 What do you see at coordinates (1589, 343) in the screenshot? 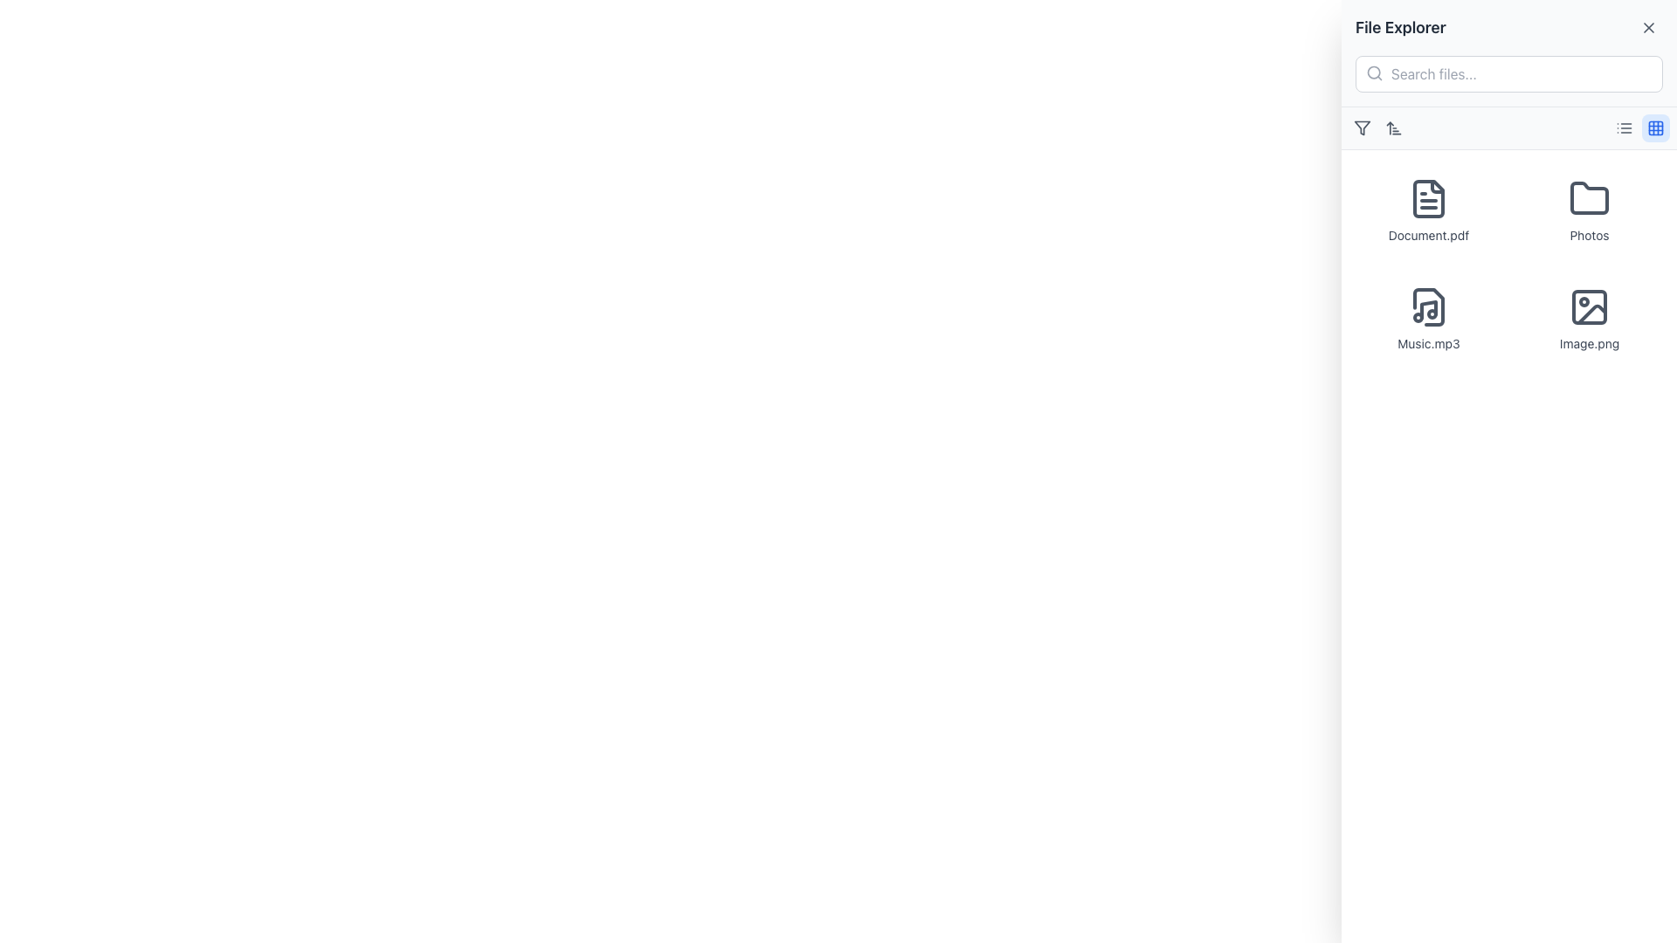
I see `text label displaying 'Image.png' which is styled in gray and located beneath an icon in a clickable panel` at bounding box center [1589, 343].